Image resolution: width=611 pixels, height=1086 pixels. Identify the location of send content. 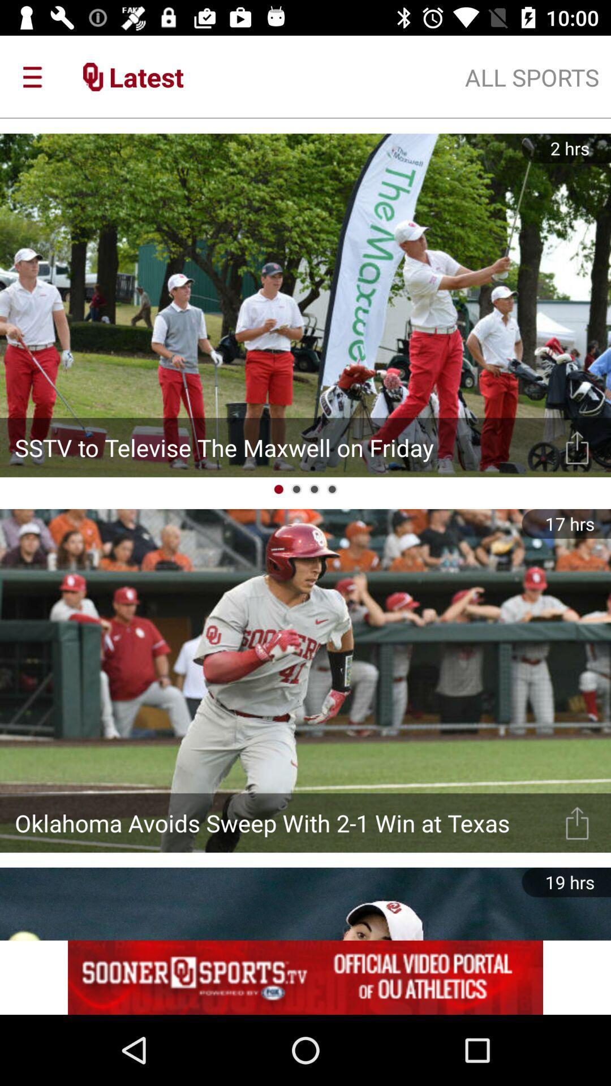
(577, 822).